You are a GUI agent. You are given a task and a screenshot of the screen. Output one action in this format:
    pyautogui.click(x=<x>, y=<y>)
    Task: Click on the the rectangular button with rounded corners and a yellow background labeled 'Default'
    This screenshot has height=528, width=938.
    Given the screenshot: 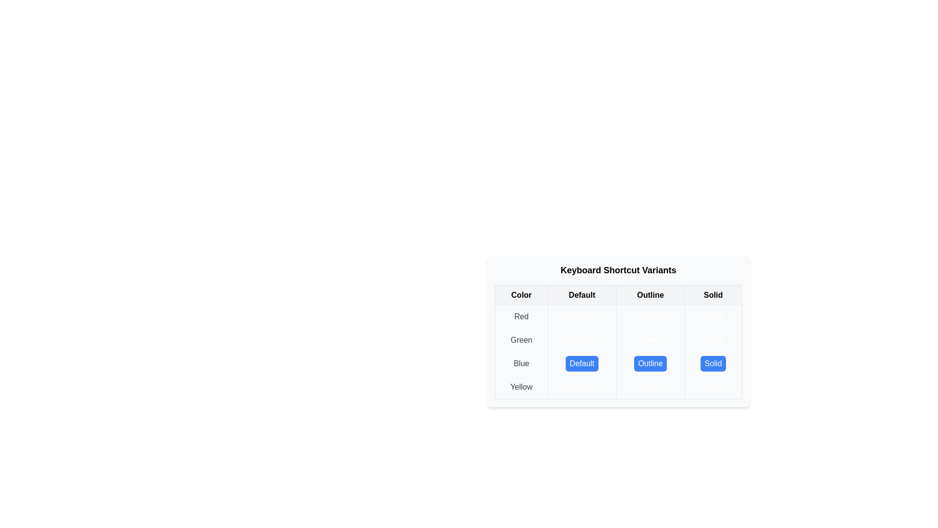 What is the action you would take?
    pyautogui.click(x=581, y=386)
    